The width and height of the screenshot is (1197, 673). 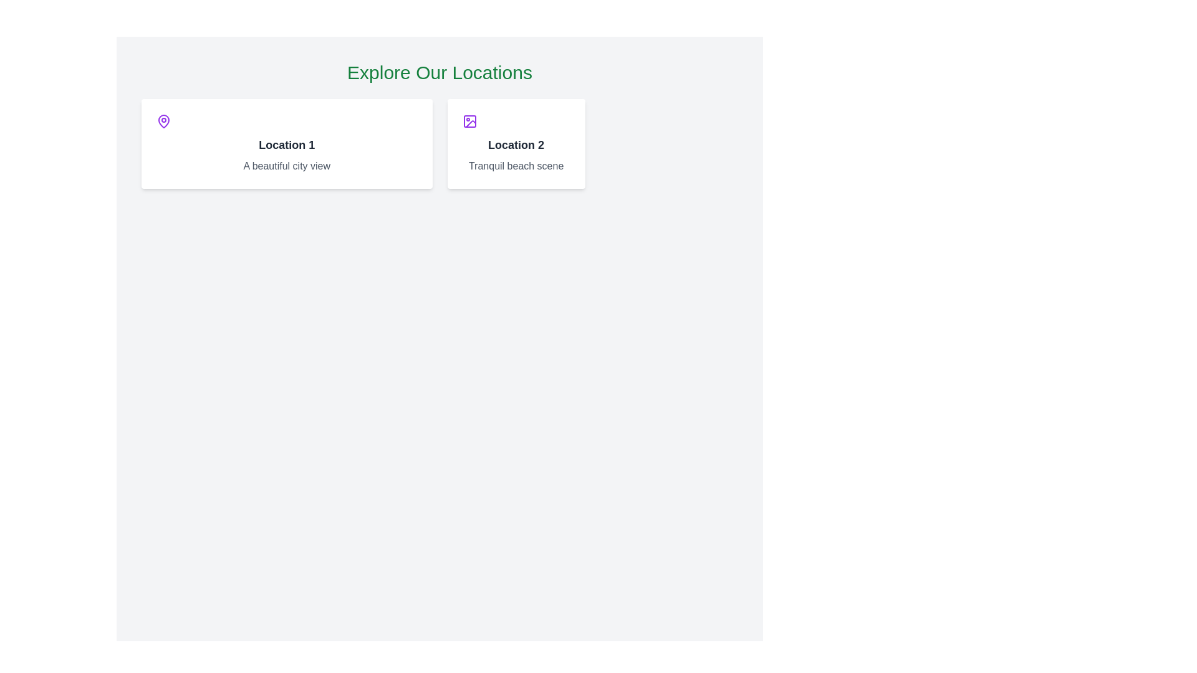 I want to click on text content of the heading that says 'Explore Our Locations', which is centrally aligned and prominently displayed near the top of the main content area, so click(x=440, y=72).